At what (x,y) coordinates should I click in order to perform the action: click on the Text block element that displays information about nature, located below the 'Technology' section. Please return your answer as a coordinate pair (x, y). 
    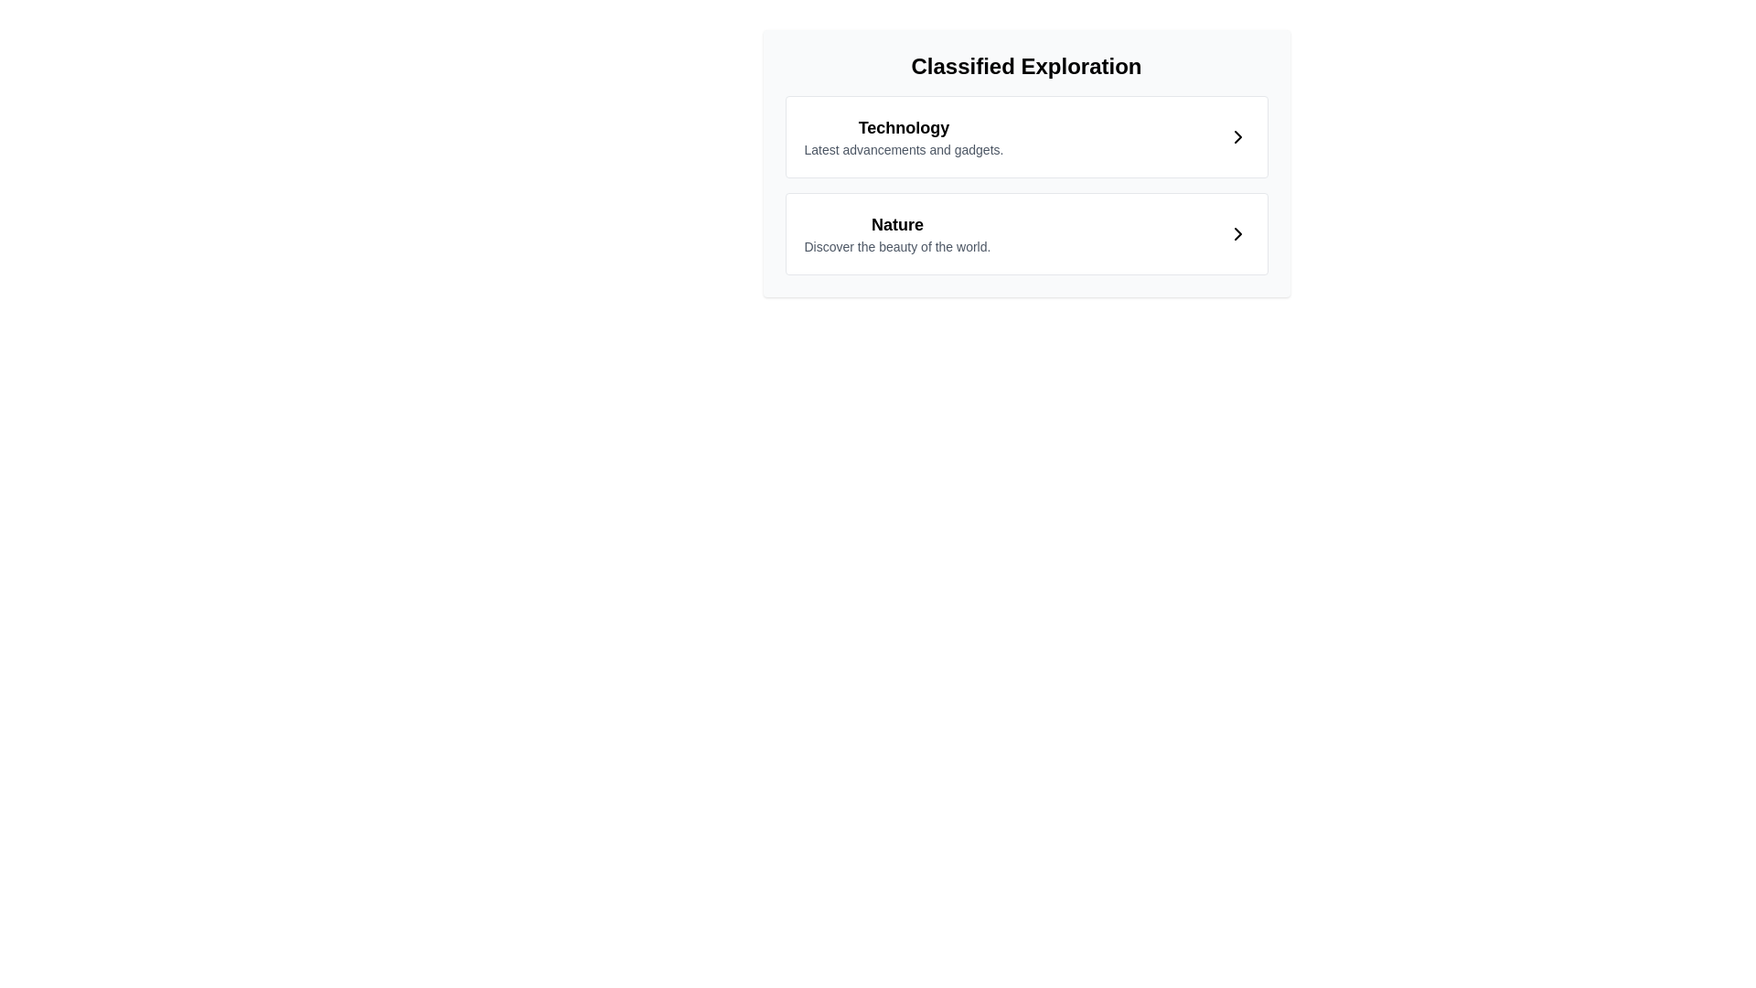
    Looking at the image, I should click on (897, 232).